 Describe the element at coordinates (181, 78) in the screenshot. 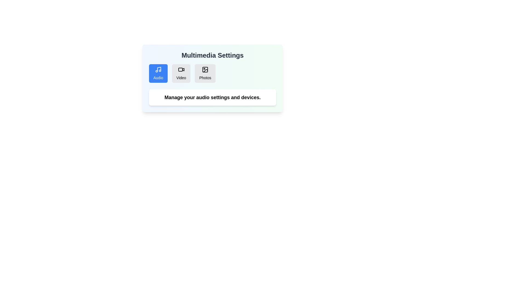

I see `the 'Video' label in the multimedia settings panel, which is the second option from the left below the central icon` at that location.